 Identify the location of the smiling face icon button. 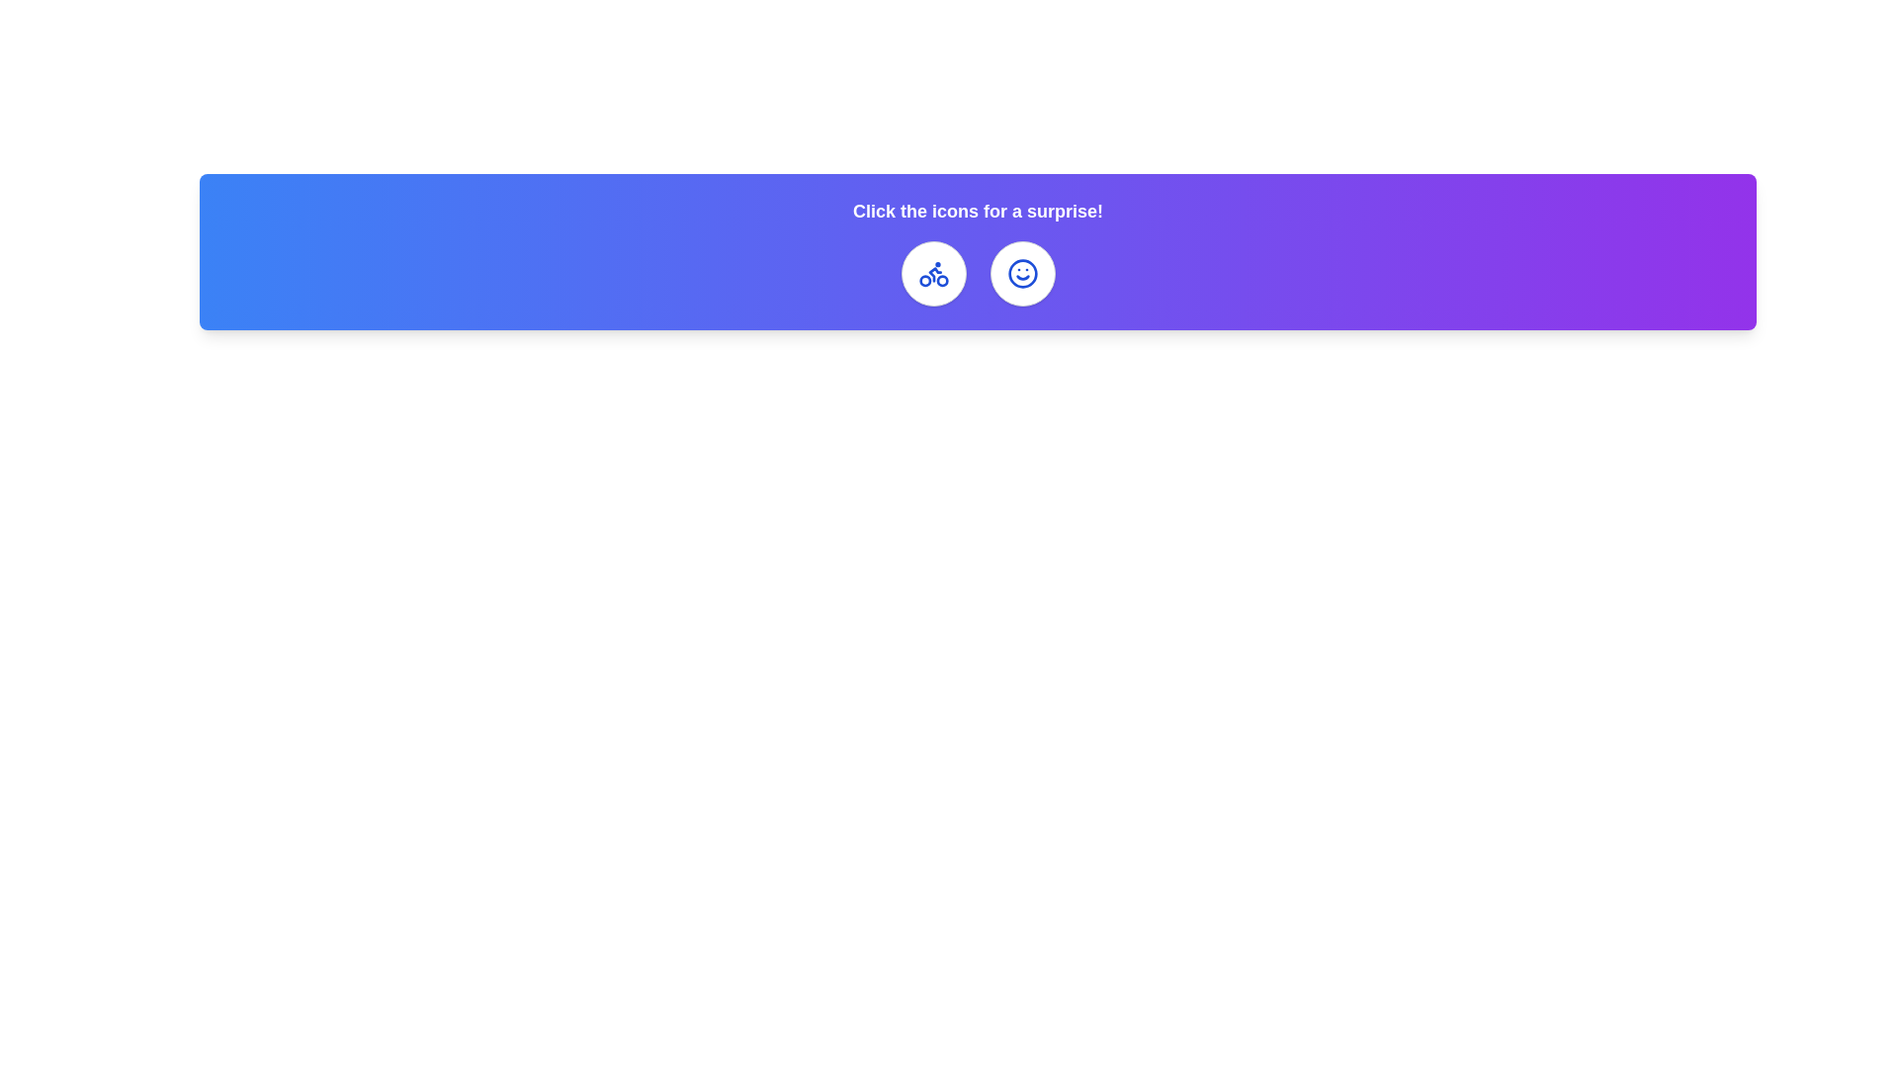
(1022, 274).